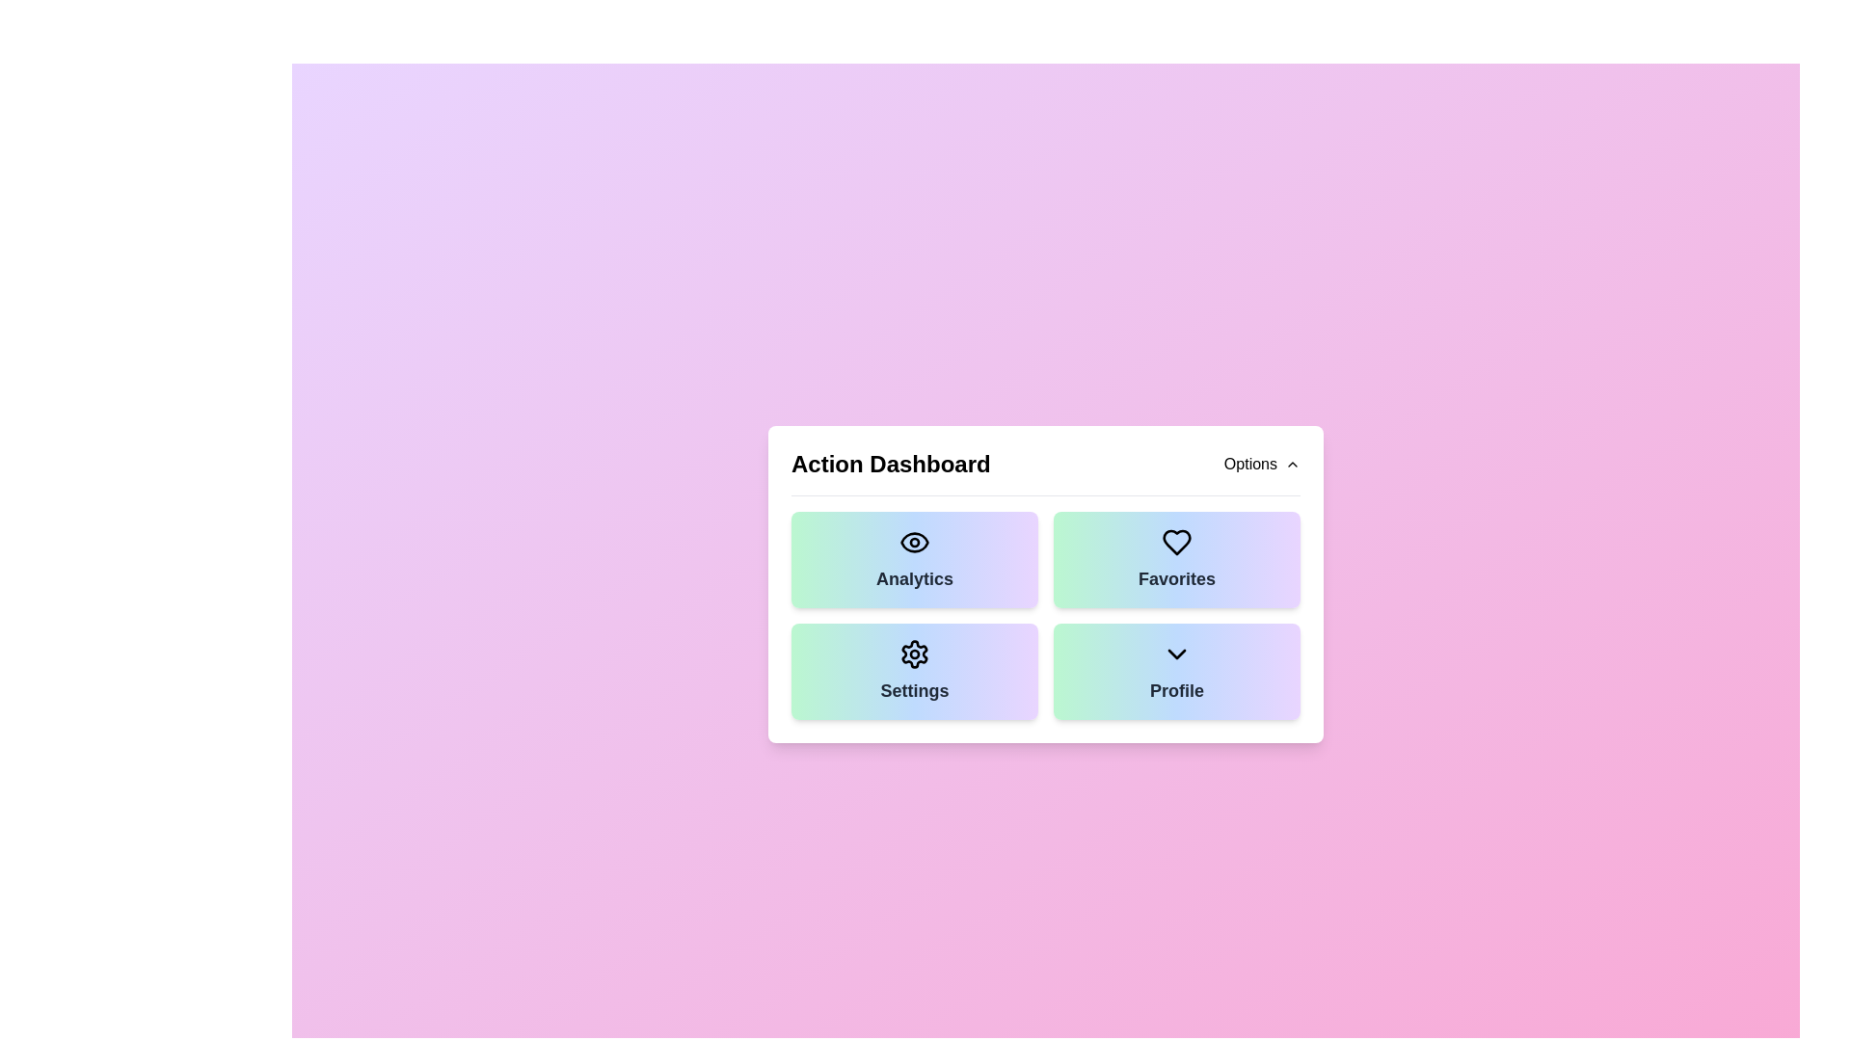 This screenshot has width=1851, height=1041. I want to click on the downward-facing chevron icon representing a dropdown menu in the 'Options' section of the Action Dashboard interface for potential visual feedback, so click(1175, 653).